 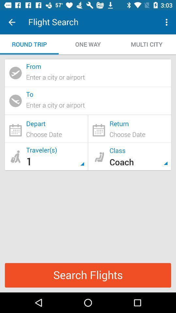 What do you see at coordinates (12, 22) in the screenshot?
I see `item next to the flight search icon` at bounding box center [12, 22].